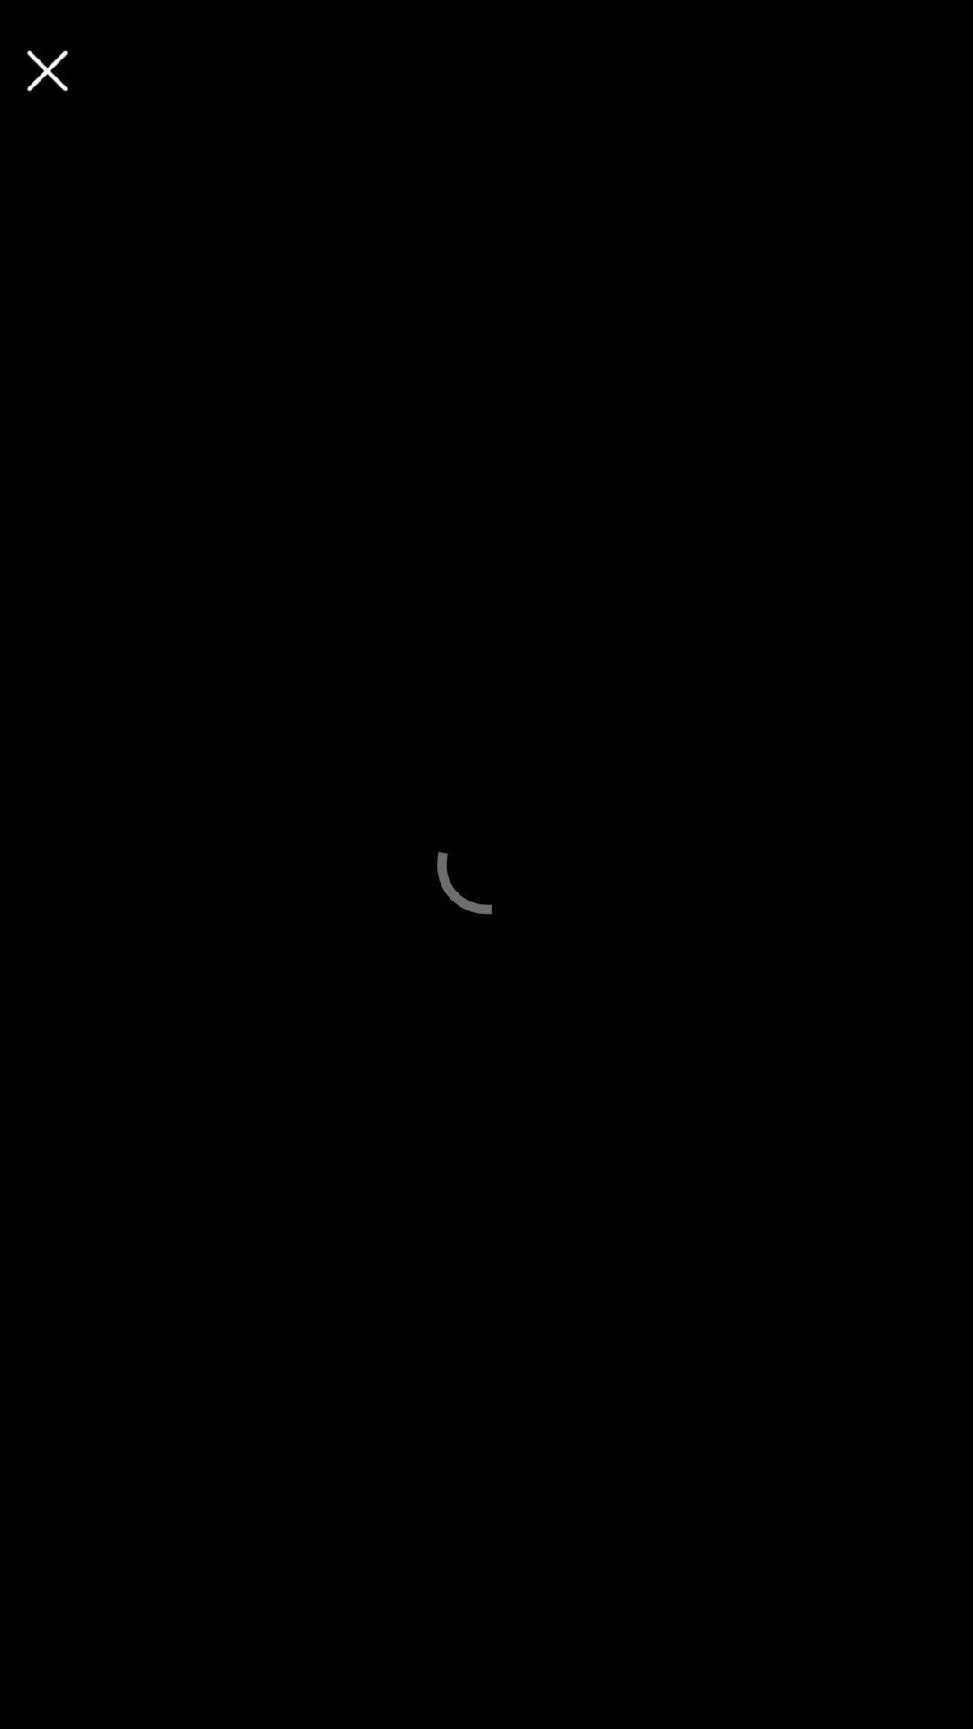 This screenshot has height=1729, width=973. I want to click on exit page, so click(46, 70).